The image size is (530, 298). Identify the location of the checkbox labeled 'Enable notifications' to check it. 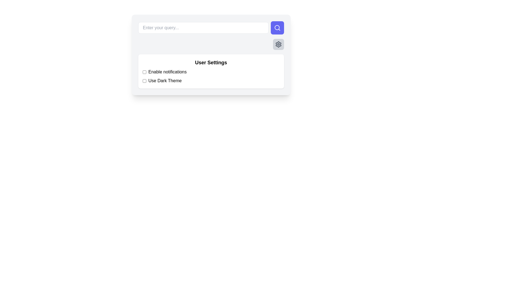
(211, 72).